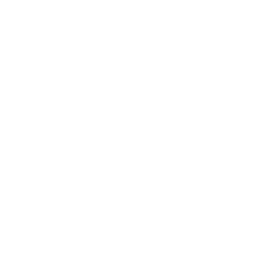 This screenshot has width=267, height=261. I want to click on 'Size', so click(143, 103).